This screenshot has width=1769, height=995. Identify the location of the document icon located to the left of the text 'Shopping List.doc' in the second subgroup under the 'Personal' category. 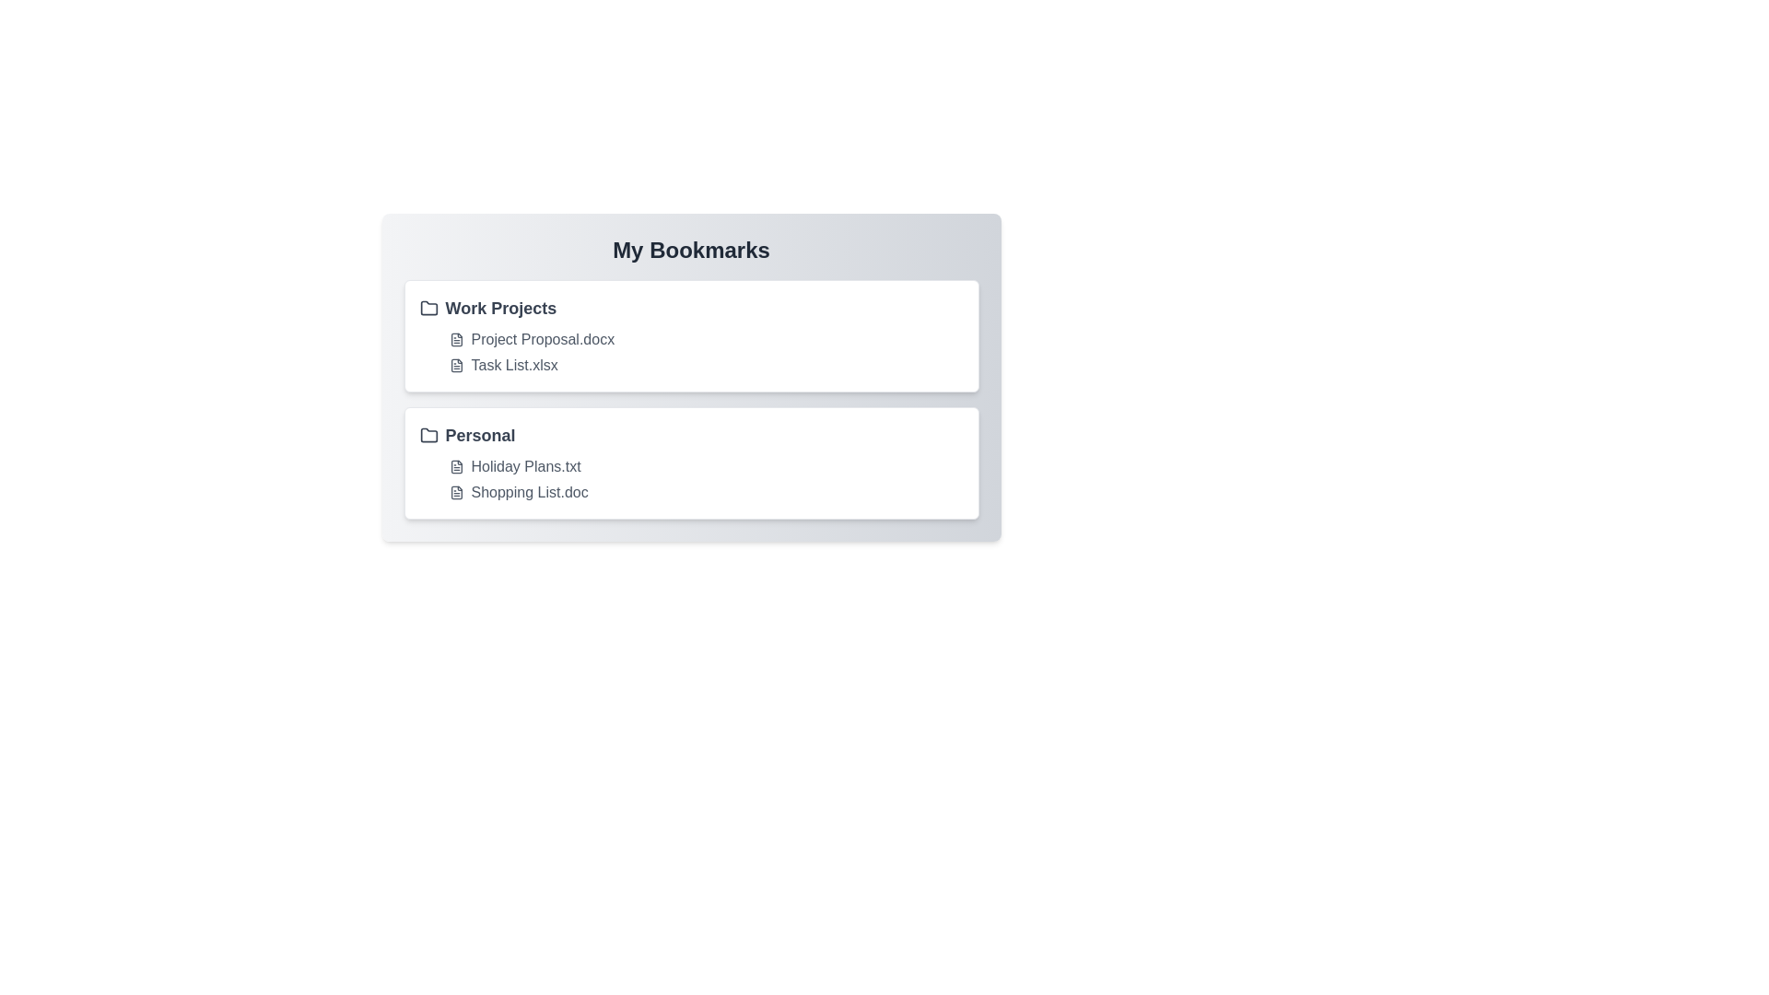
(456, 492).